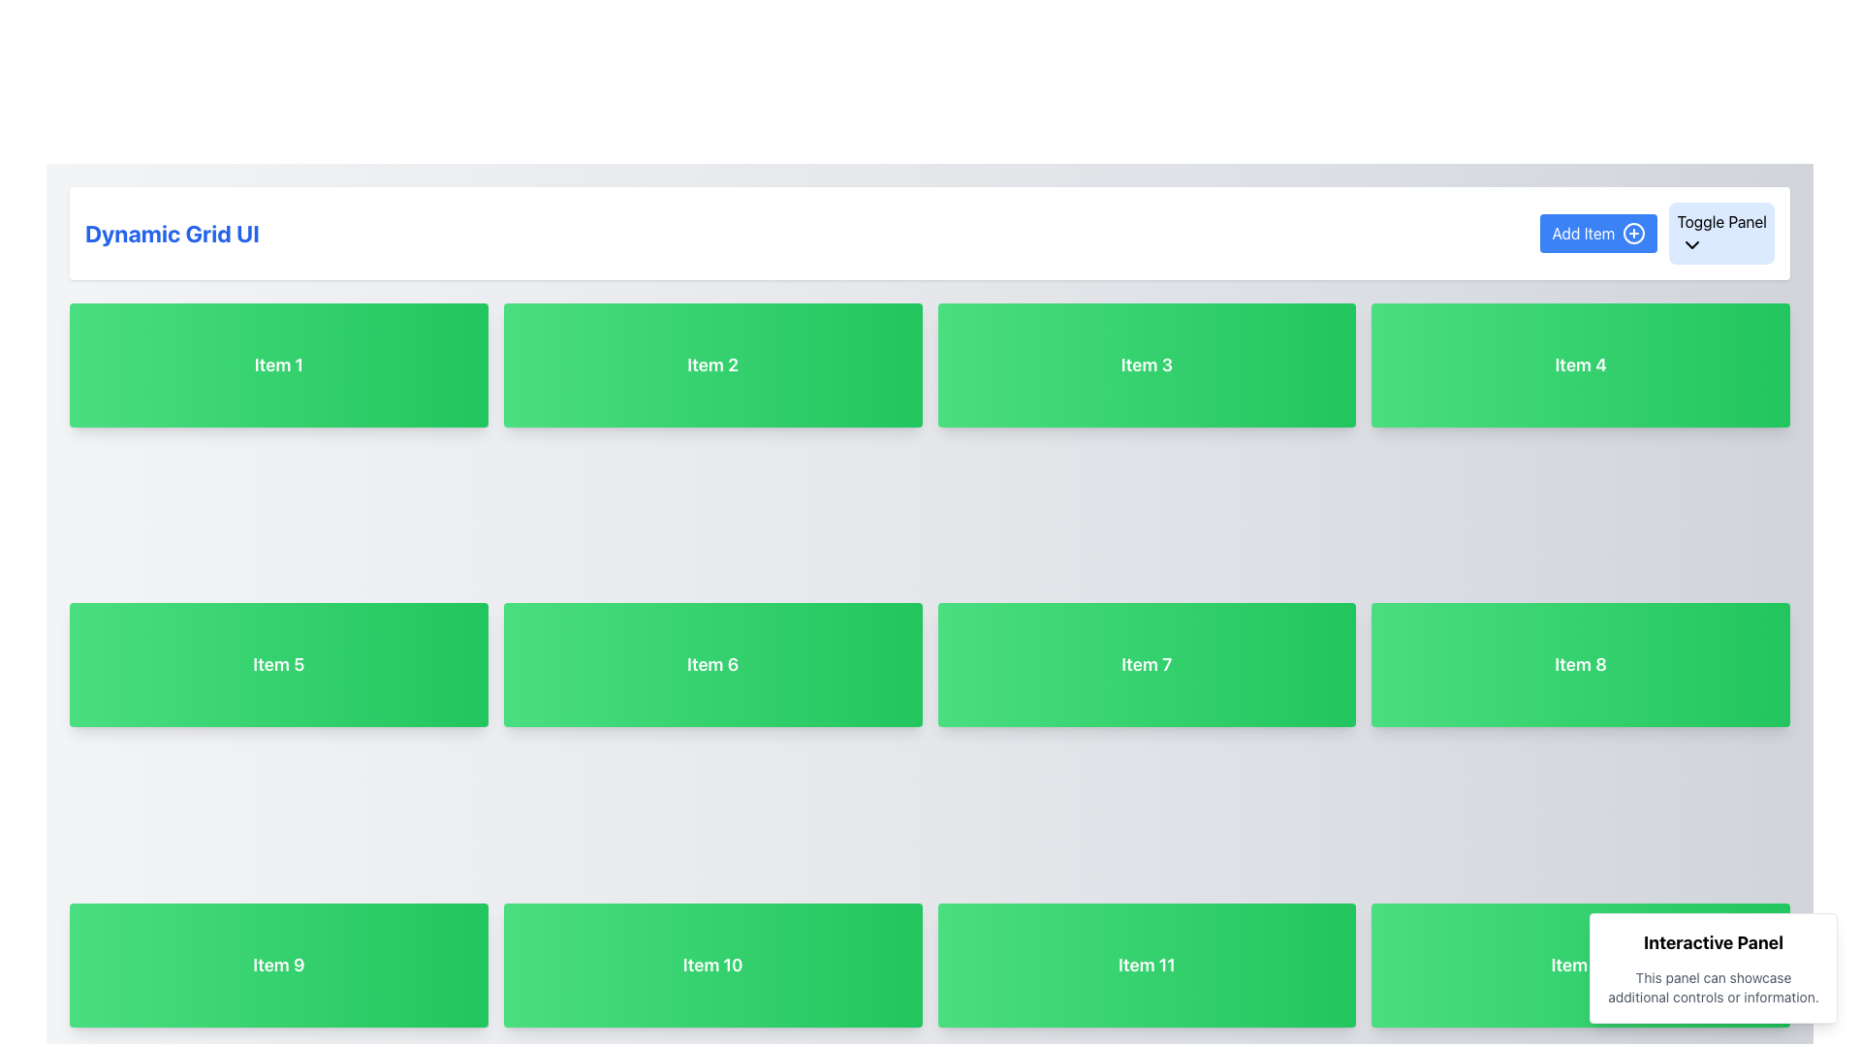 The image size is (1861, 1047). Describe the element at coordinates (1147, 365) in the screenshot. I see `the green rectangular button labeled 'Item 3' in the grid layout under the 'Dynamic Grid UI' heading` at that location.